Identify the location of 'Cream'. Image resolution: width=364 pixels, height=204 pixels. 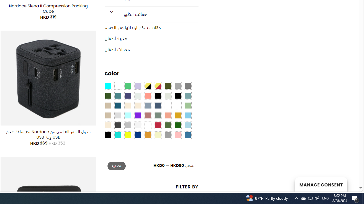
(138, 105).